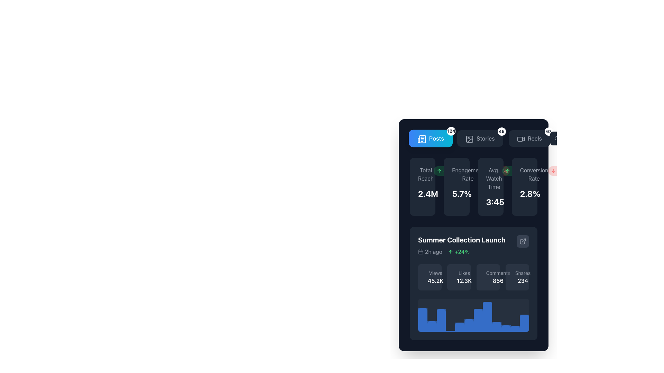 The height and width of the screenshot is (373, 664). What do you see at coordinates (524, 193) in the screenshot?
I see `value displayed in the large bold white text label showing '2.8%' located at the bottom of the 'Conversion Rate' card` at bounding box center [524, 193].